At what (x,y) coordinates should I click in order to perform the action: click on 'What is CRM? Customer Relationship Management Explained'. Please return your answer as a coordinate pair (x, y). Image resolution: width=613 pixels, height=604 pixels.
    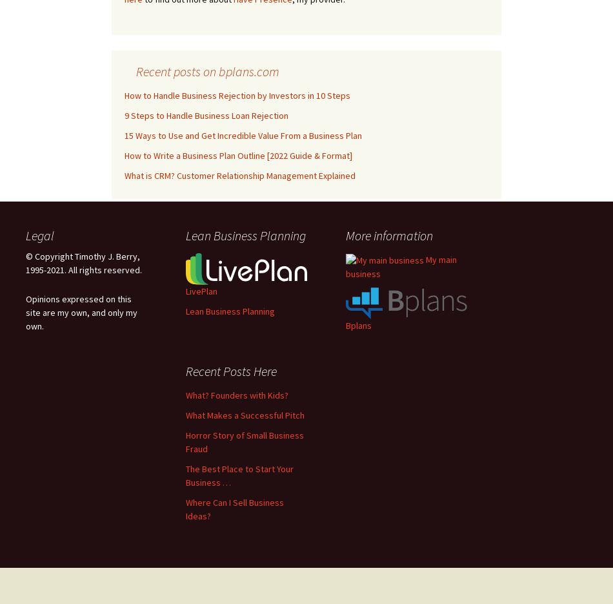
    Looking at the image, I should click on (239, 174).